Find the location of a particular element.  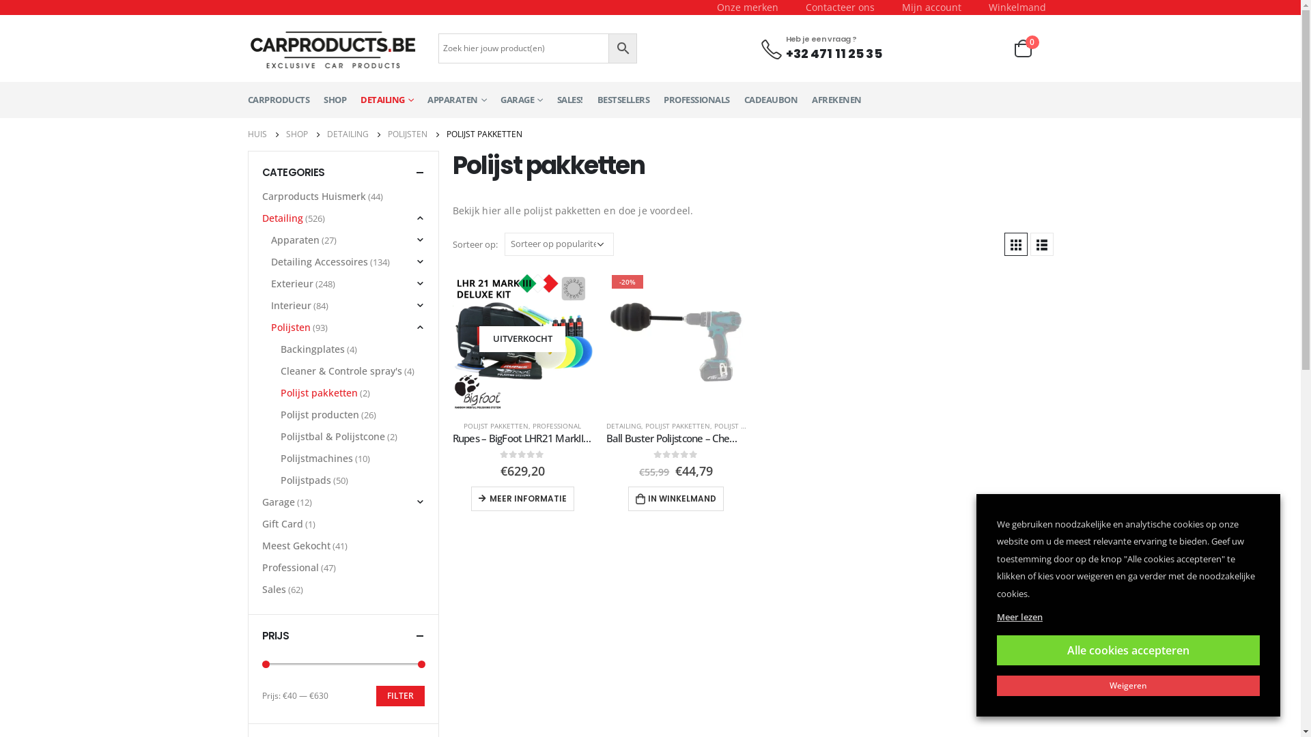

'Rasterweergave' is located at coordinates (1003, 244).